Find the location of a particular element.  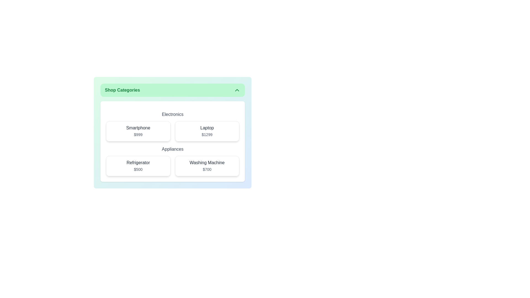

the 'Smartphone' text label that indicates the product name, positioned at the top of its card structure in the 'Electronics' section of the 'Shop Categories' interface is located at coordinates (138, 128).